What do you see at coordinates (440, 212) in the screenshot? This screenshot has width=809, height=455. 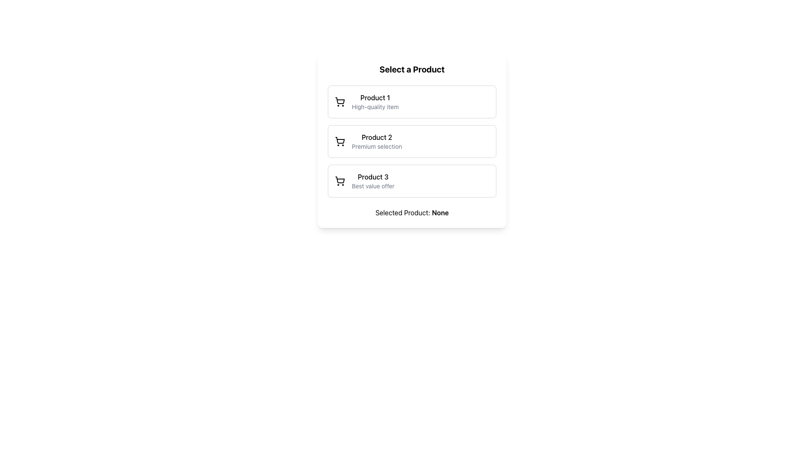 I see `text displayed to the right of the label 'Selected Product:' to determine the currently selected product` at bounding box center [440, 212].